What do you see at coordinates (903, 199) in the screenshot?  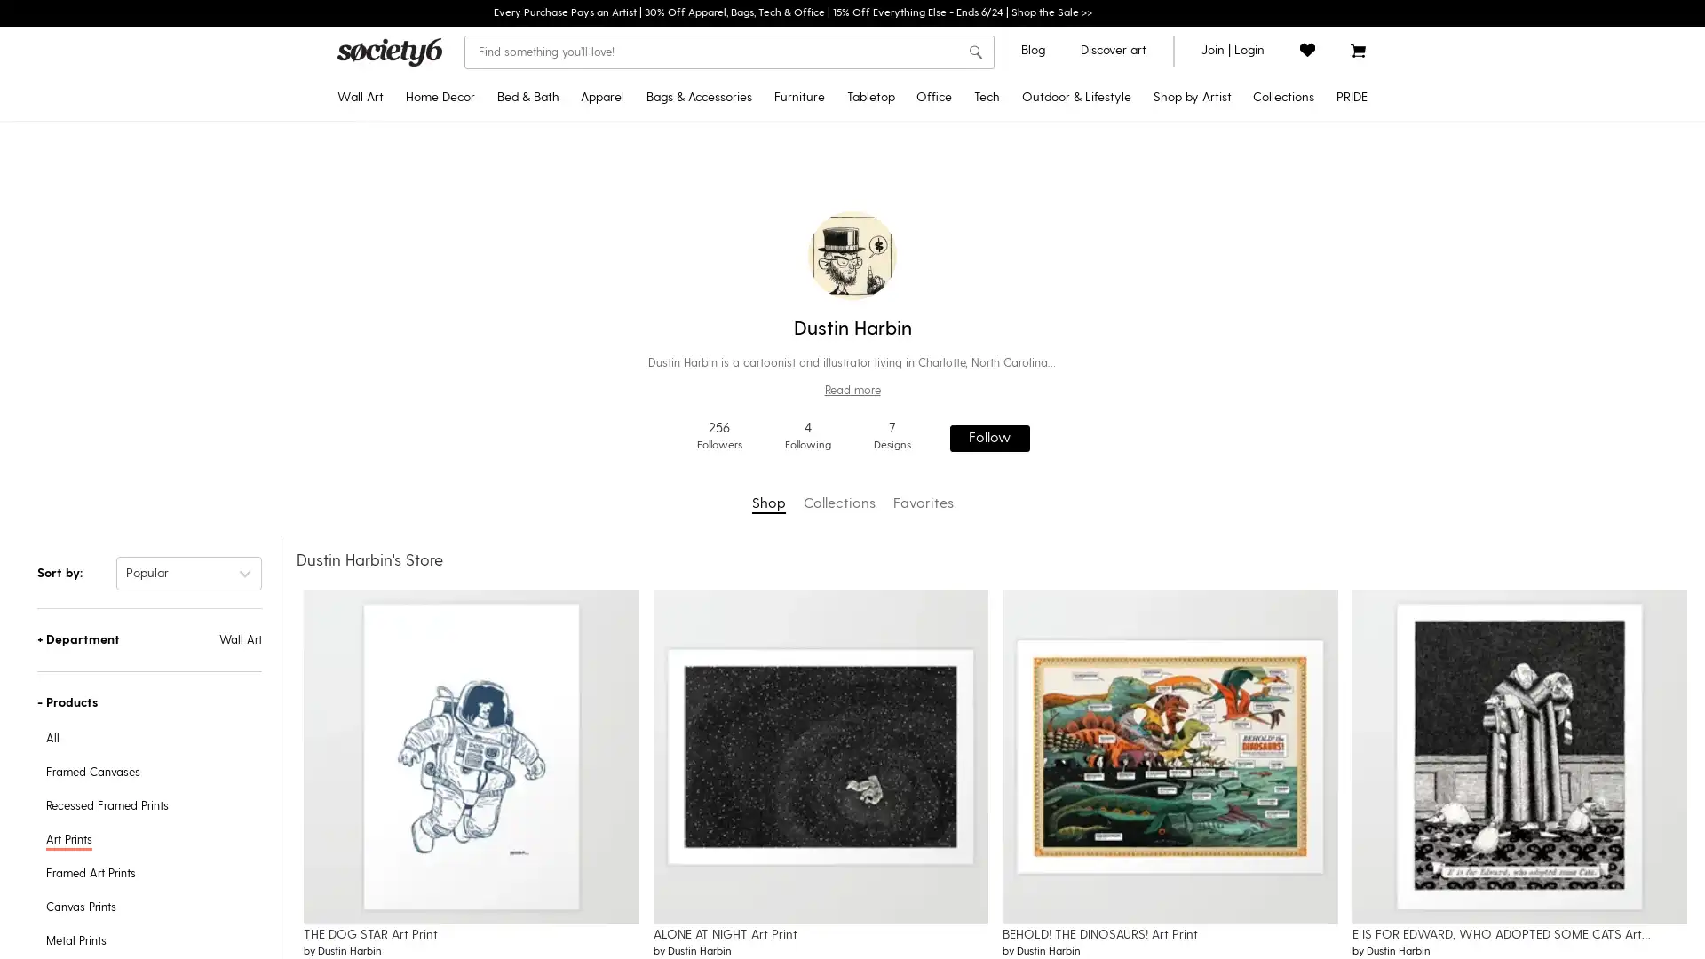 I see `Tablecloths` at bounding box center [903, 199].